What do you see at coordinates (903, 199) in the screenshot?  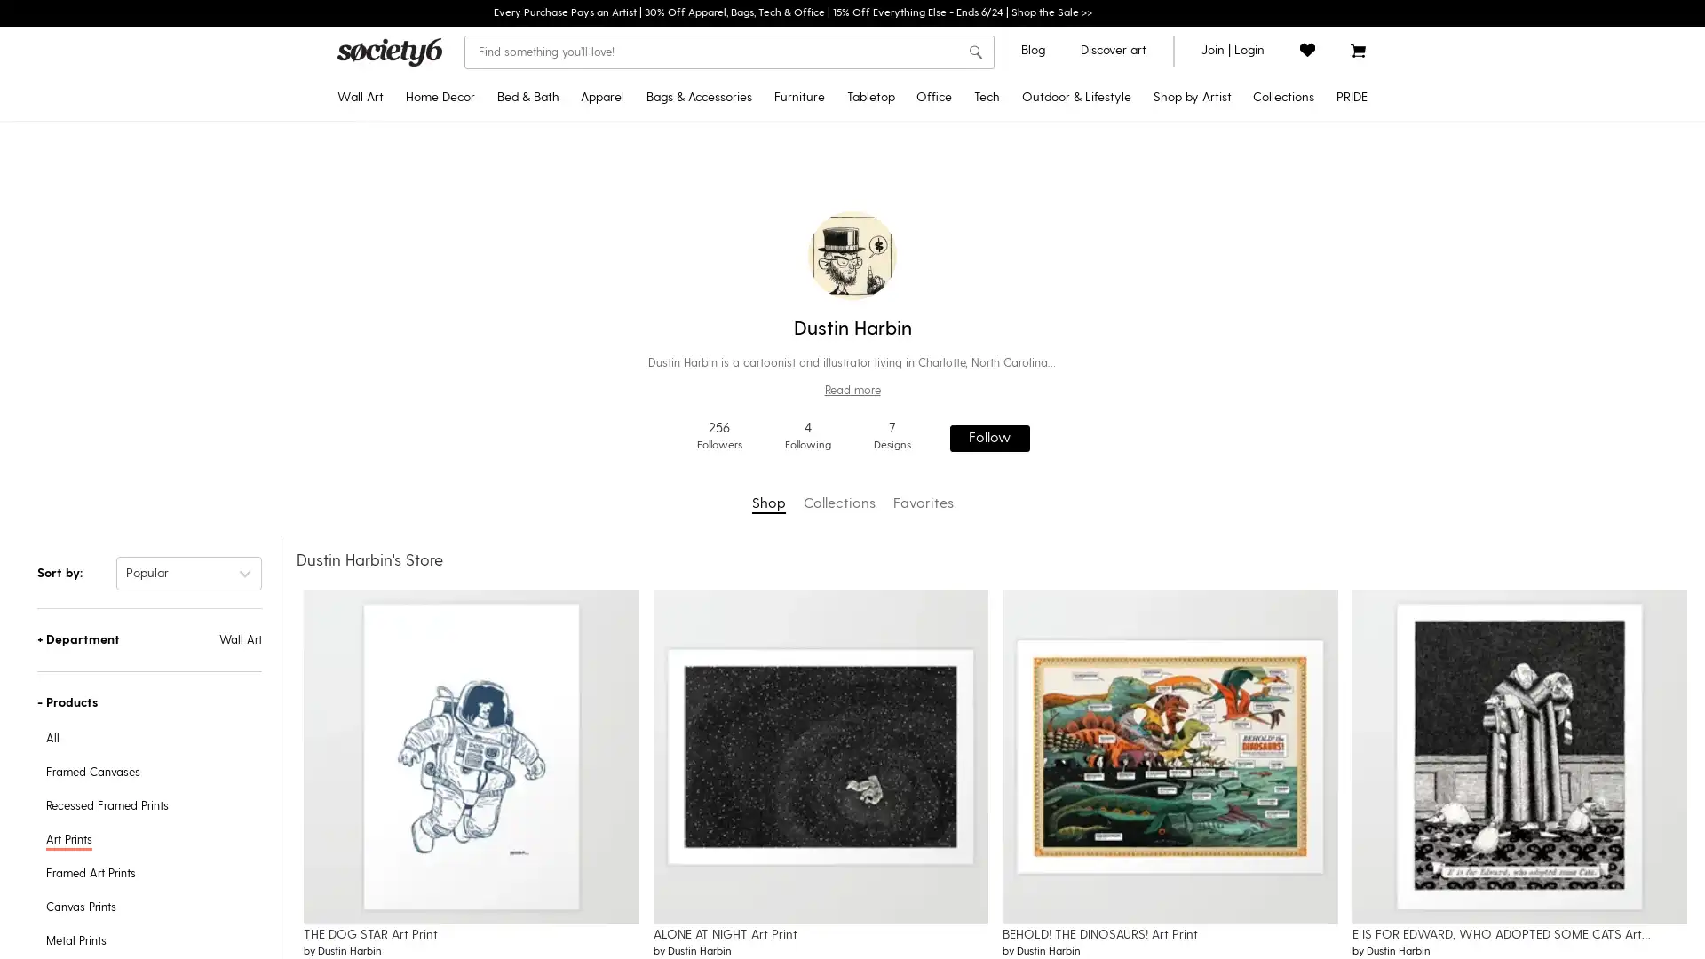 I see `Tablecloths` at bounding box center [903, 199].